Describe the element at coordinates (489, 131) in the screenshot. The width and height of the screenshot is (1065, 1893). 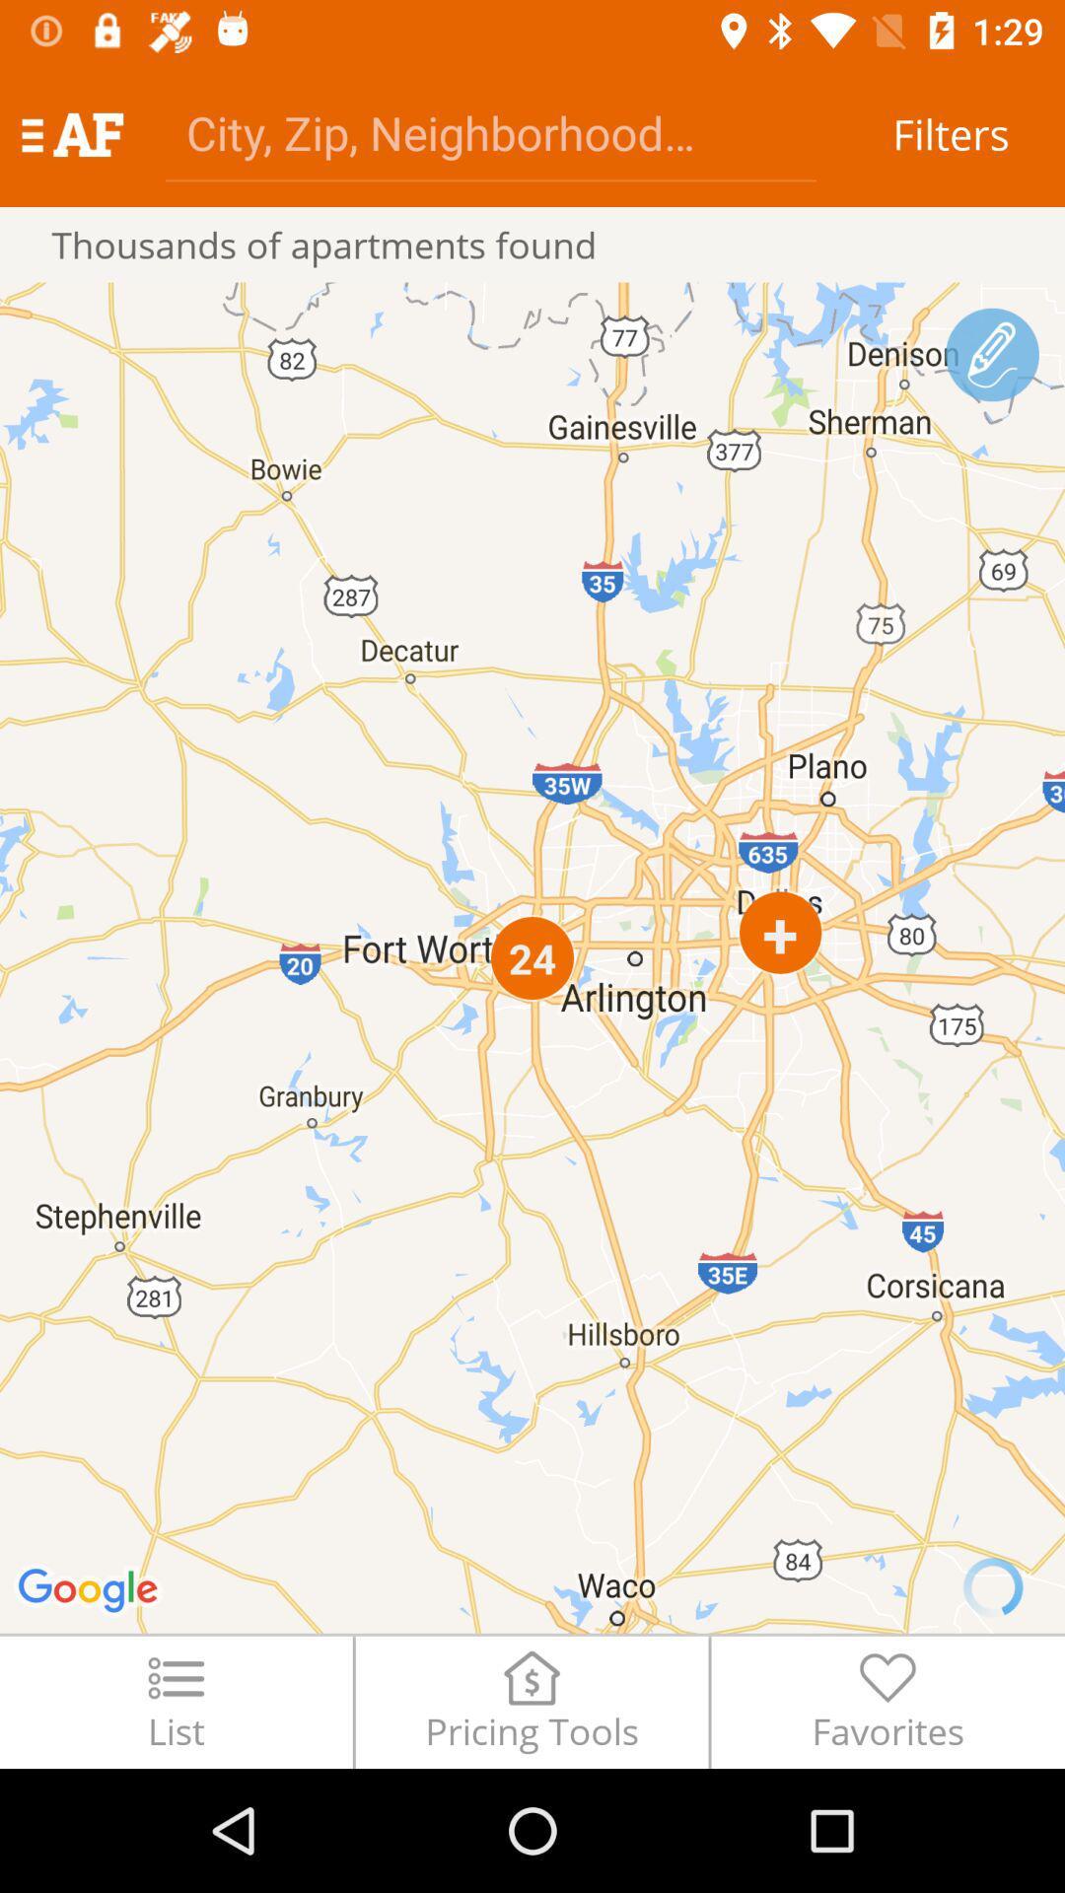
I see `the icon above the thousands of apartments icon` at that location.